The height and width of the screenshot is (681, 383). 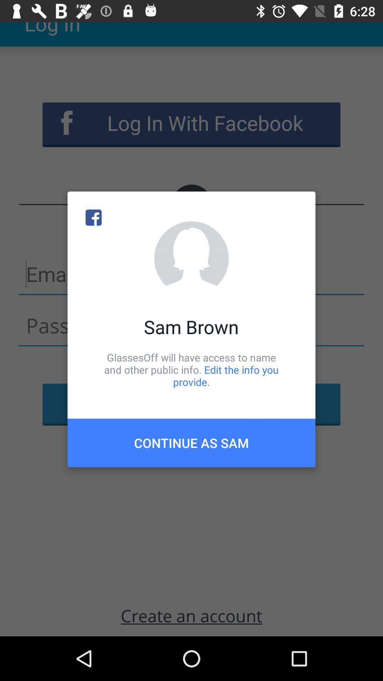 What do you see at coordinates (191, 442) in the screenshot?
I see `item below the glassesoff will have item` at bounding box center [191, 442].